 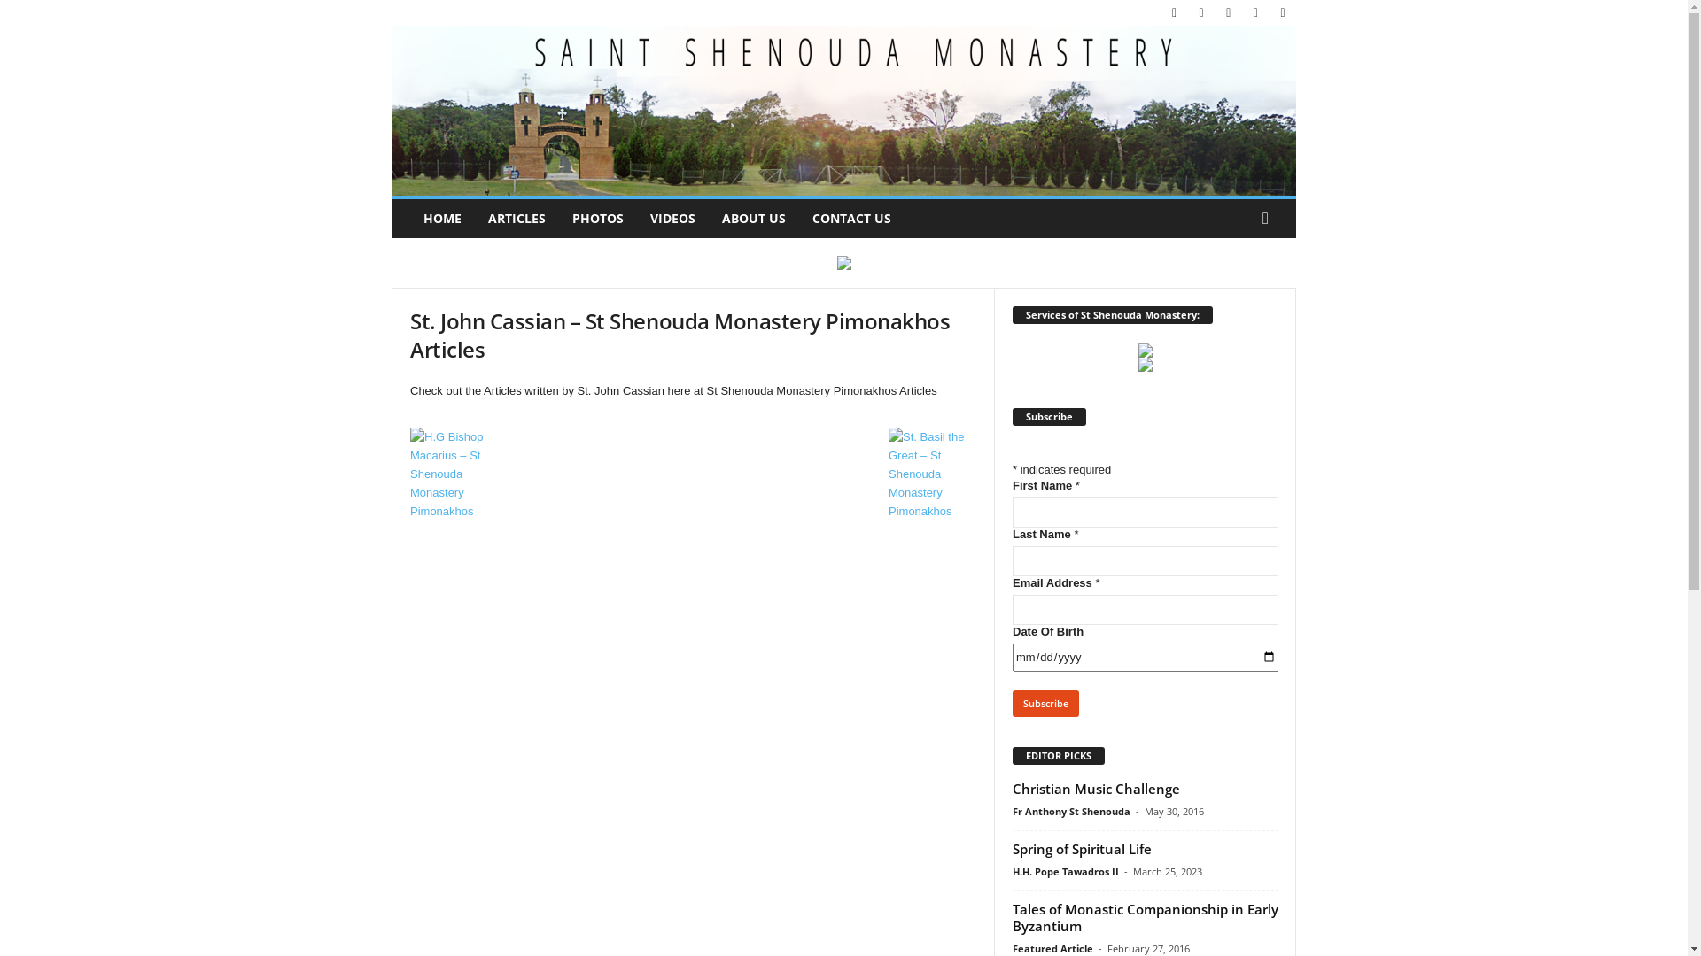 What do you see at coordinates (1070, 811) in the screenshot?
I see `'Fr Anthony St Shenouda'` at bounding box center [1070, 811].